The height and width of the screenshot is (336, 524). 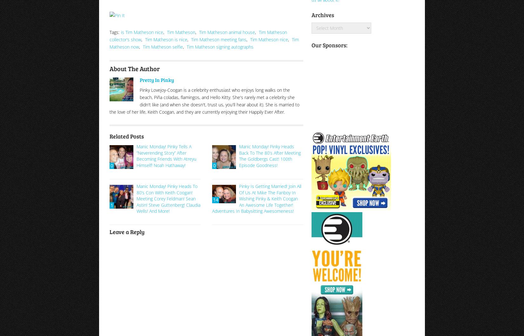 What do you see at coordinates (226, 31) in the screenshot?
I see `'Tim Matheson animal house'` at bounding box center [226, 31].